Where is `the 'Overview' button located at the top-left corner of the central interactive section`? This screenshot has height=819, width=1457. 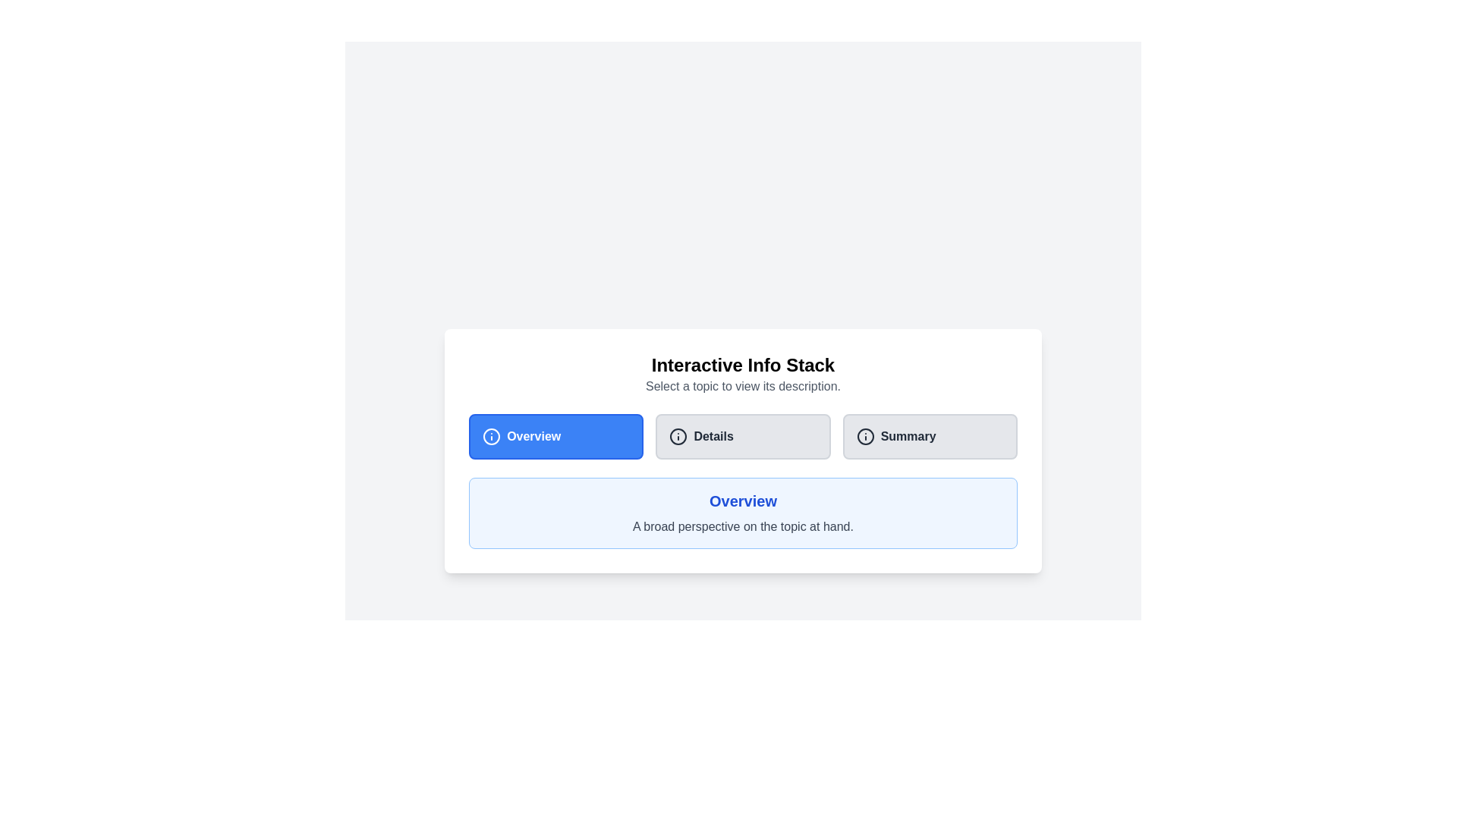 the 'Overview' button located at the top-left corner of the central interactive section is located at coordinates (555, 436).